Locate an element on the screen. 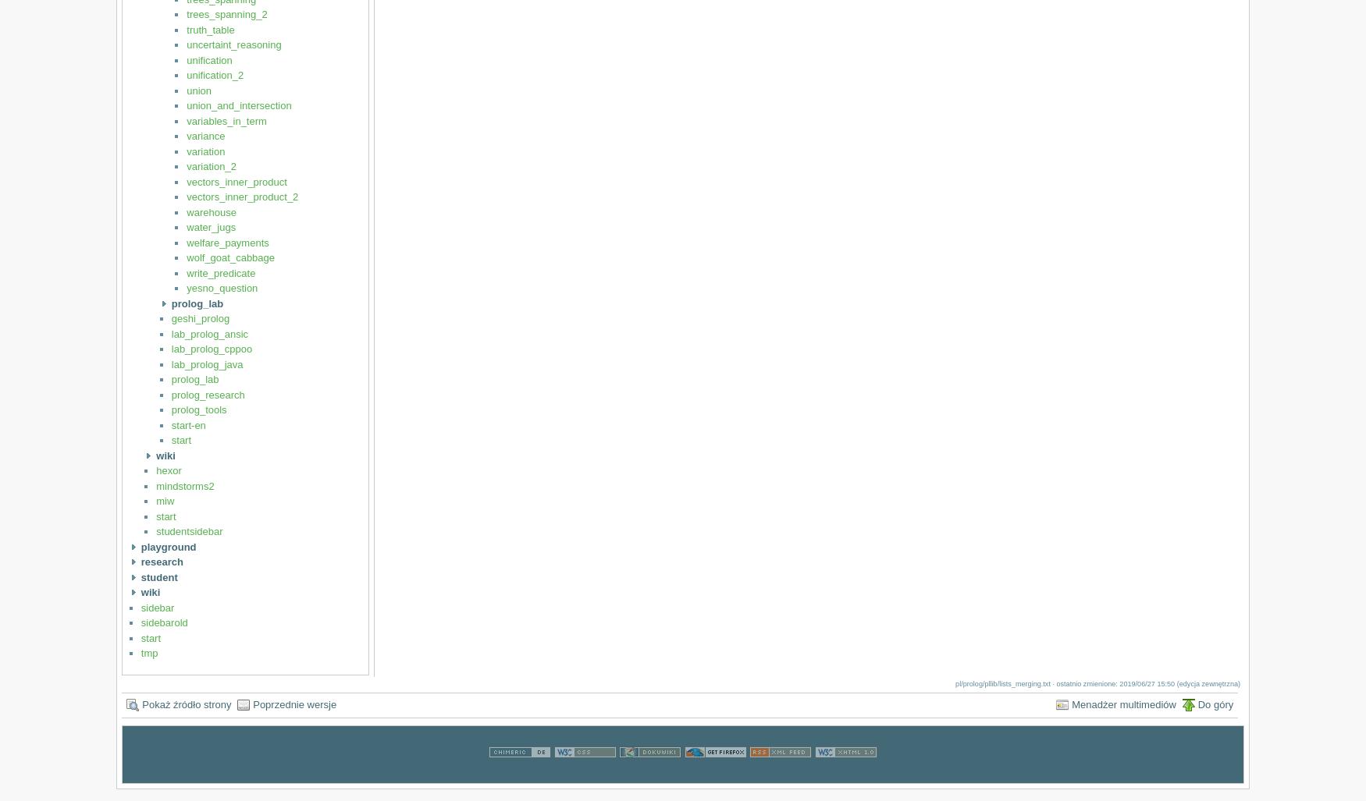  'vectors_inner_product_2' is located at coordinates (187, 197).